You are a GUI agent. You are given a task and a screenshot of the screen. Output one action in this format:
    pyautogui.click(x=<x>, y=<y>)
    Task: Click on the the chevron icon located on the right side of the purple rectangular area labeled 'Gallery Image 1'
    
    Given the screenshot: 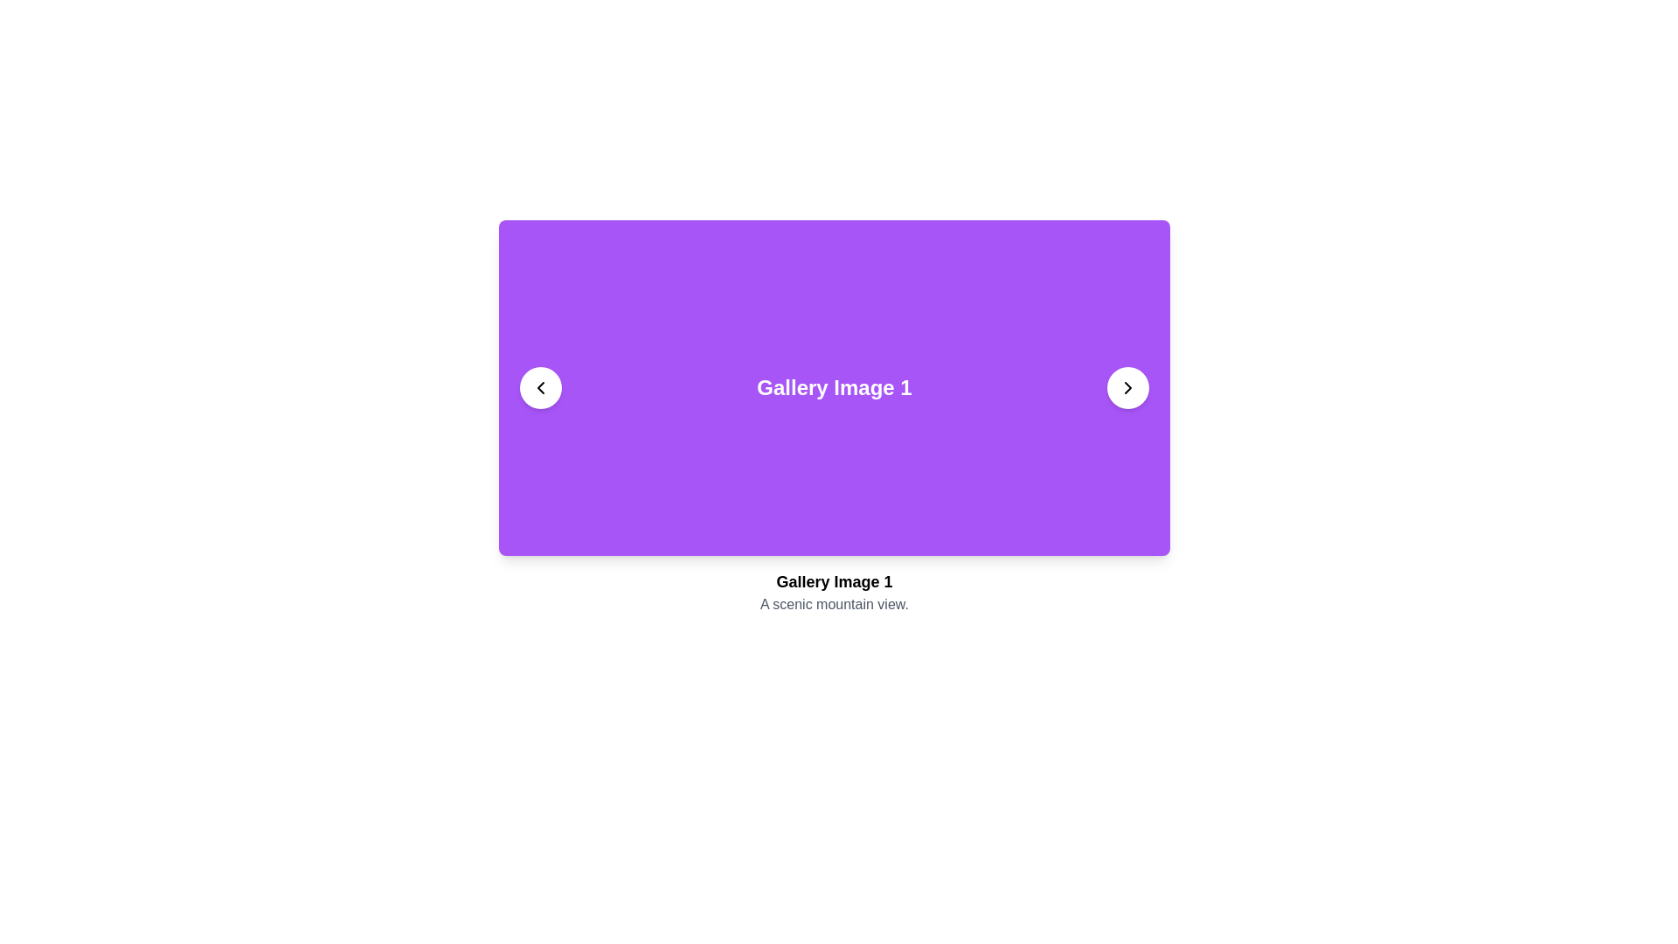 What is the action you would take?
    pyautogui.click(x=1128, y=386)
    